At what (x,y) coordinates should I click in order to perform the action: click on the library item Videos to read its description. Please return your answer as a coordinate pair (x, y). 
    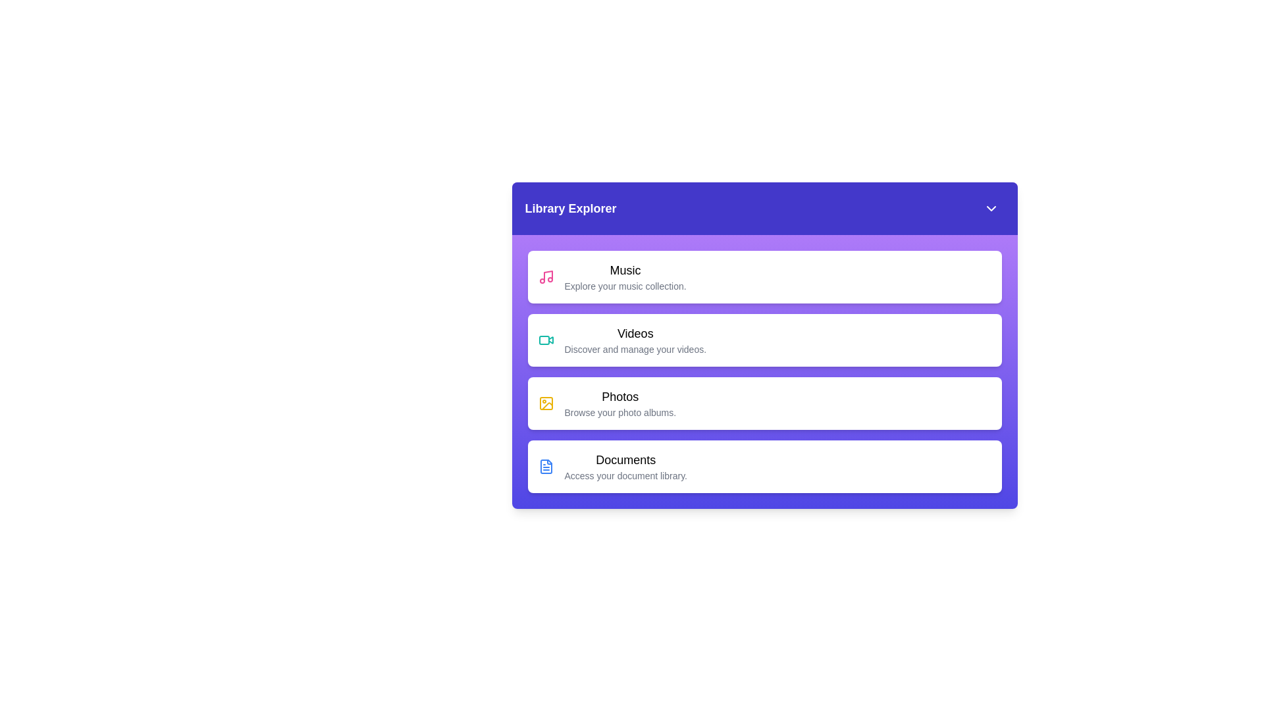
    Looking at the image, I should click on (764, 339).